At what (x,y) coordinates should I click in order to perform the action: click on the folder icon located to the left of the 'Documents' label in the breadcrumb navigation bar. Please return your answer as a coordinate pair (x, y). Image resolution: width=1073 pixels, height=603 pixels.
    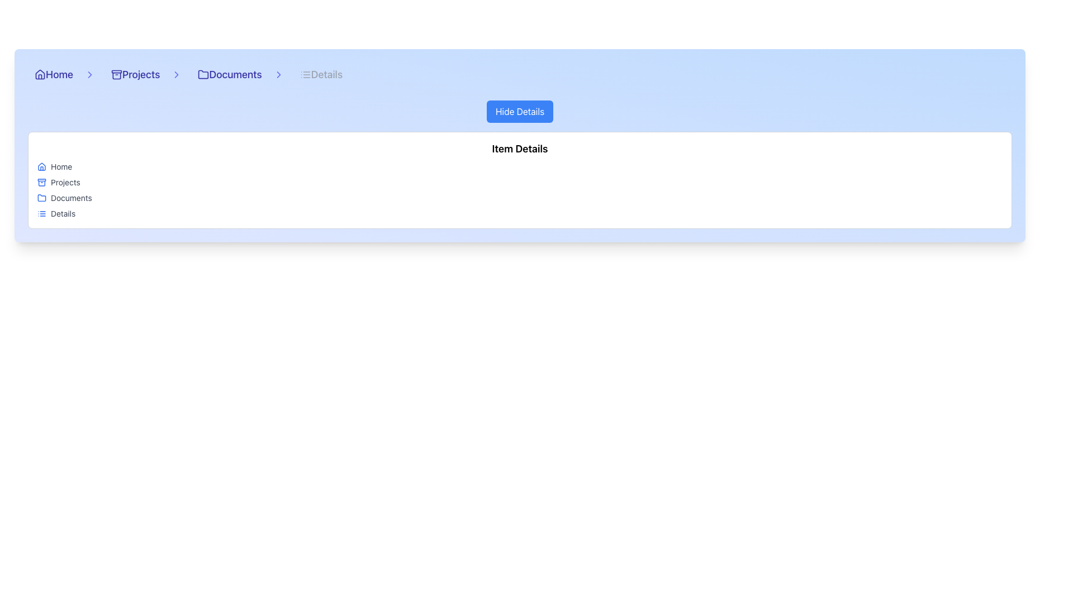
    Looking at the image, I should click on (203, 75).